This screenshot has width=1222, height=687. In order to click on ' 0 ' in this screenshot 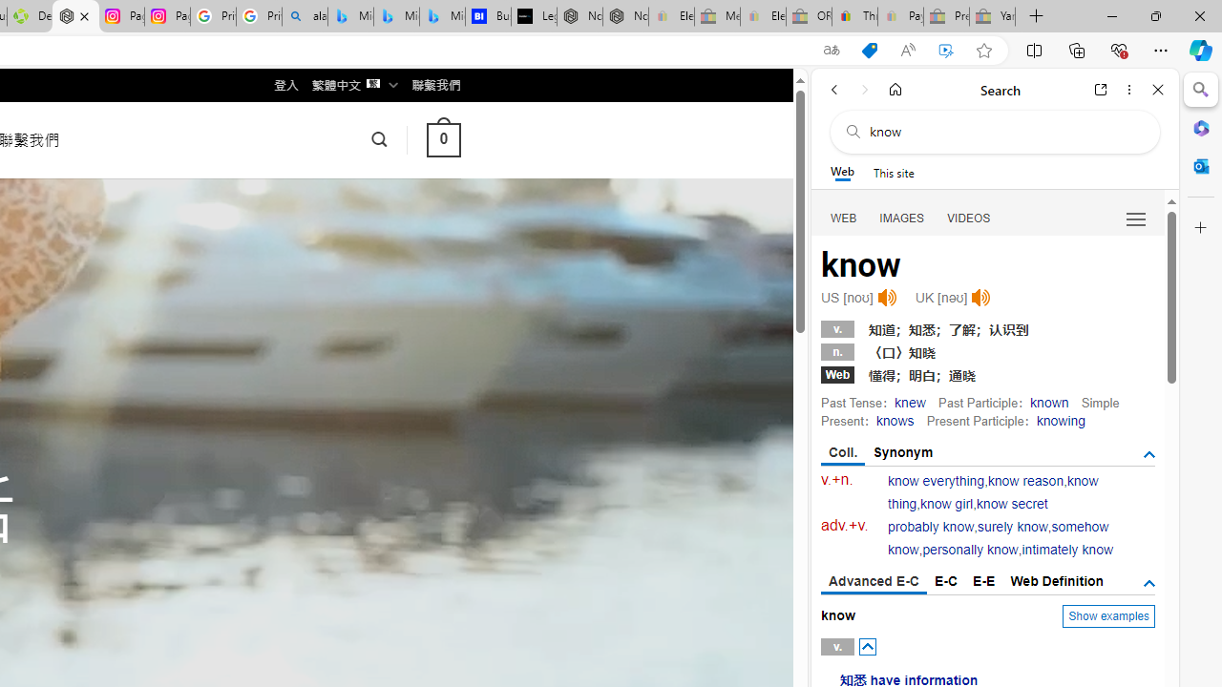, I will do `click(442, 138)`.